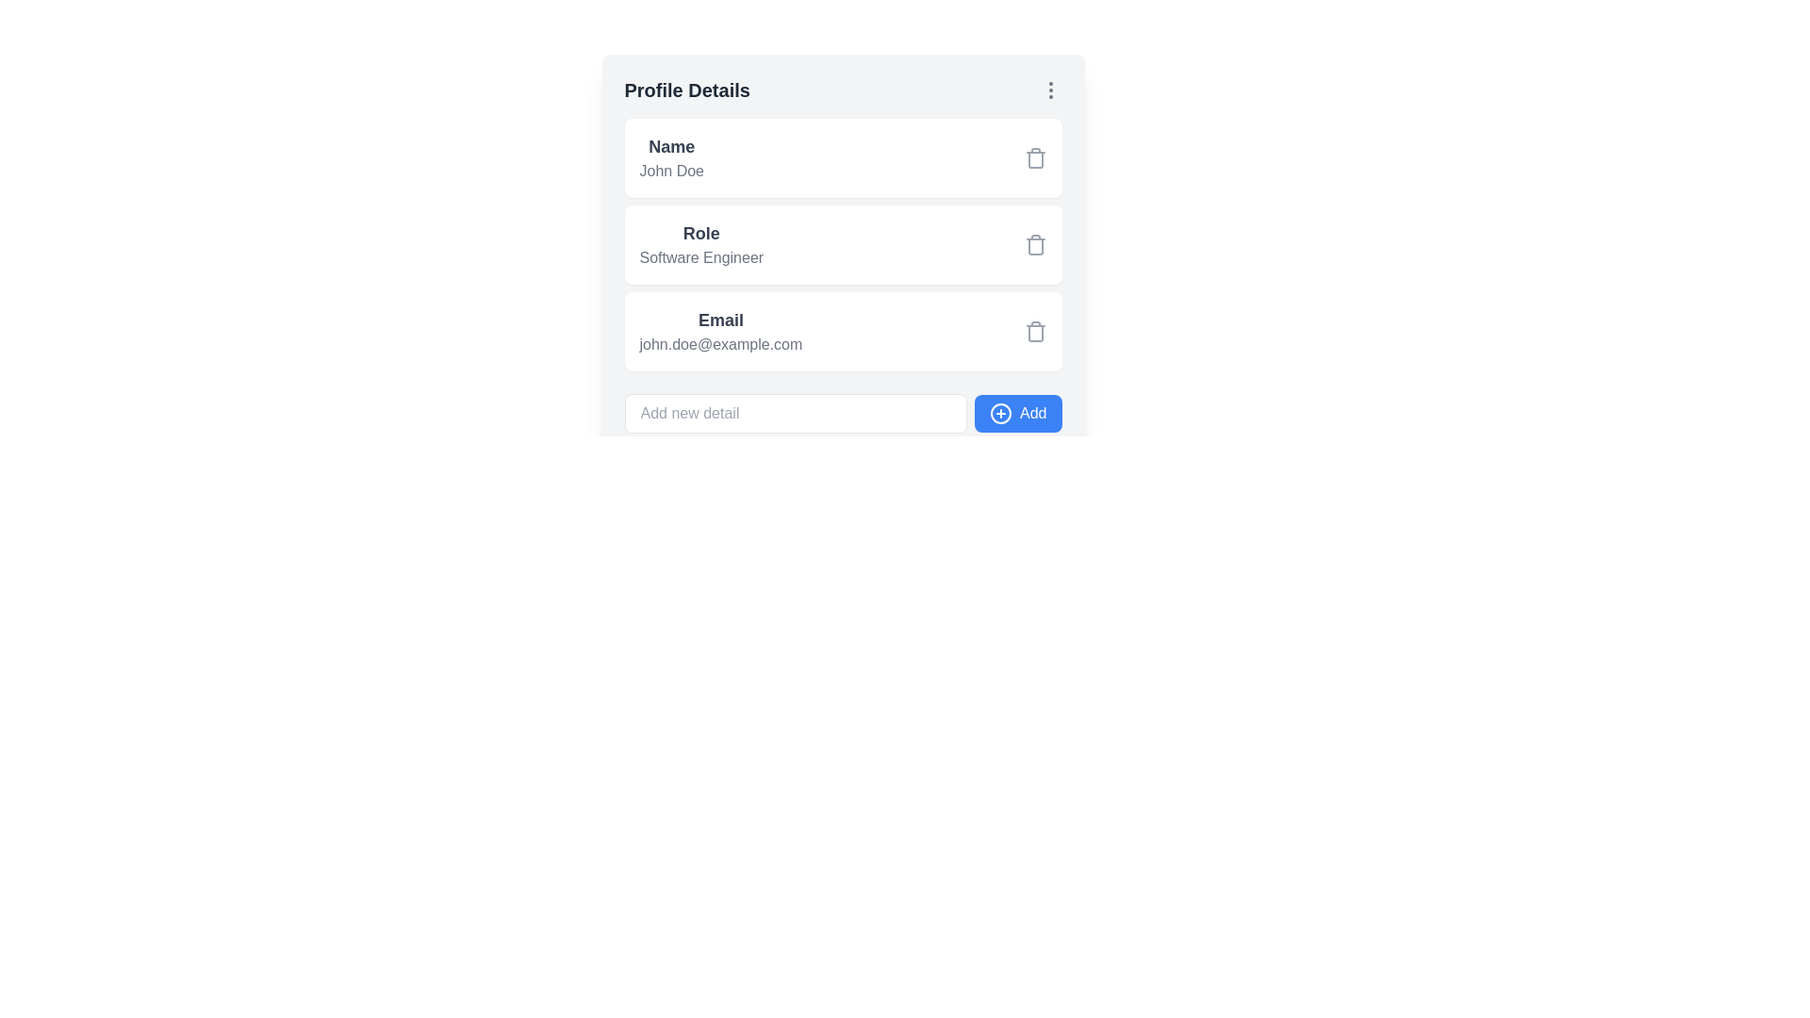  Describe the element at coordinates (700, 243) in the screenshot. I see `text content of the Text display element indicating the role of the profile, which is located in the 'Profile Details' section as the second item in the list` at that location.